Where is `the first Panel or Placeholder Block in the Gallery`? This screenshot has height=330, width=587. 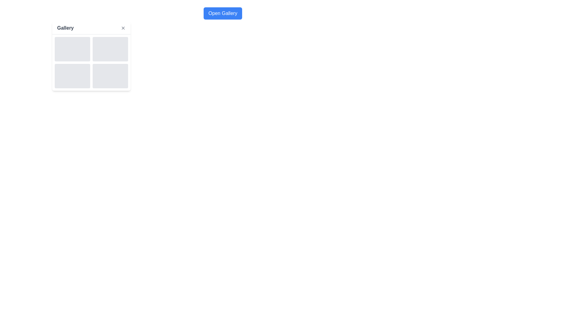
the first Panel or Placeholder Block in the Gallery is located at coordinates (72, 49).